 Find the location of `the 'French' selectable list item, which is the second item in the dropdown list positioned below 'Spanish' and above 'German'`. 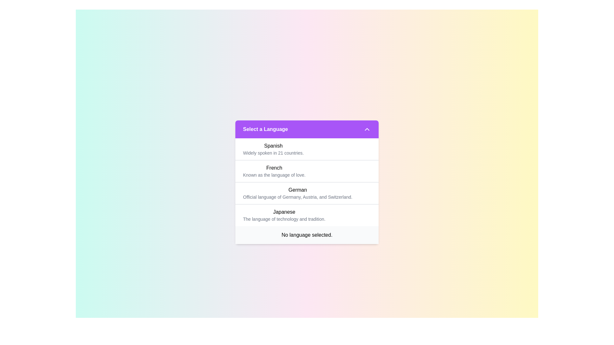

the 'French' selectable list item, which is the second item in the dropdown list positioned below 'Spanish' and above 'German' is located at coordinates (307, 182).